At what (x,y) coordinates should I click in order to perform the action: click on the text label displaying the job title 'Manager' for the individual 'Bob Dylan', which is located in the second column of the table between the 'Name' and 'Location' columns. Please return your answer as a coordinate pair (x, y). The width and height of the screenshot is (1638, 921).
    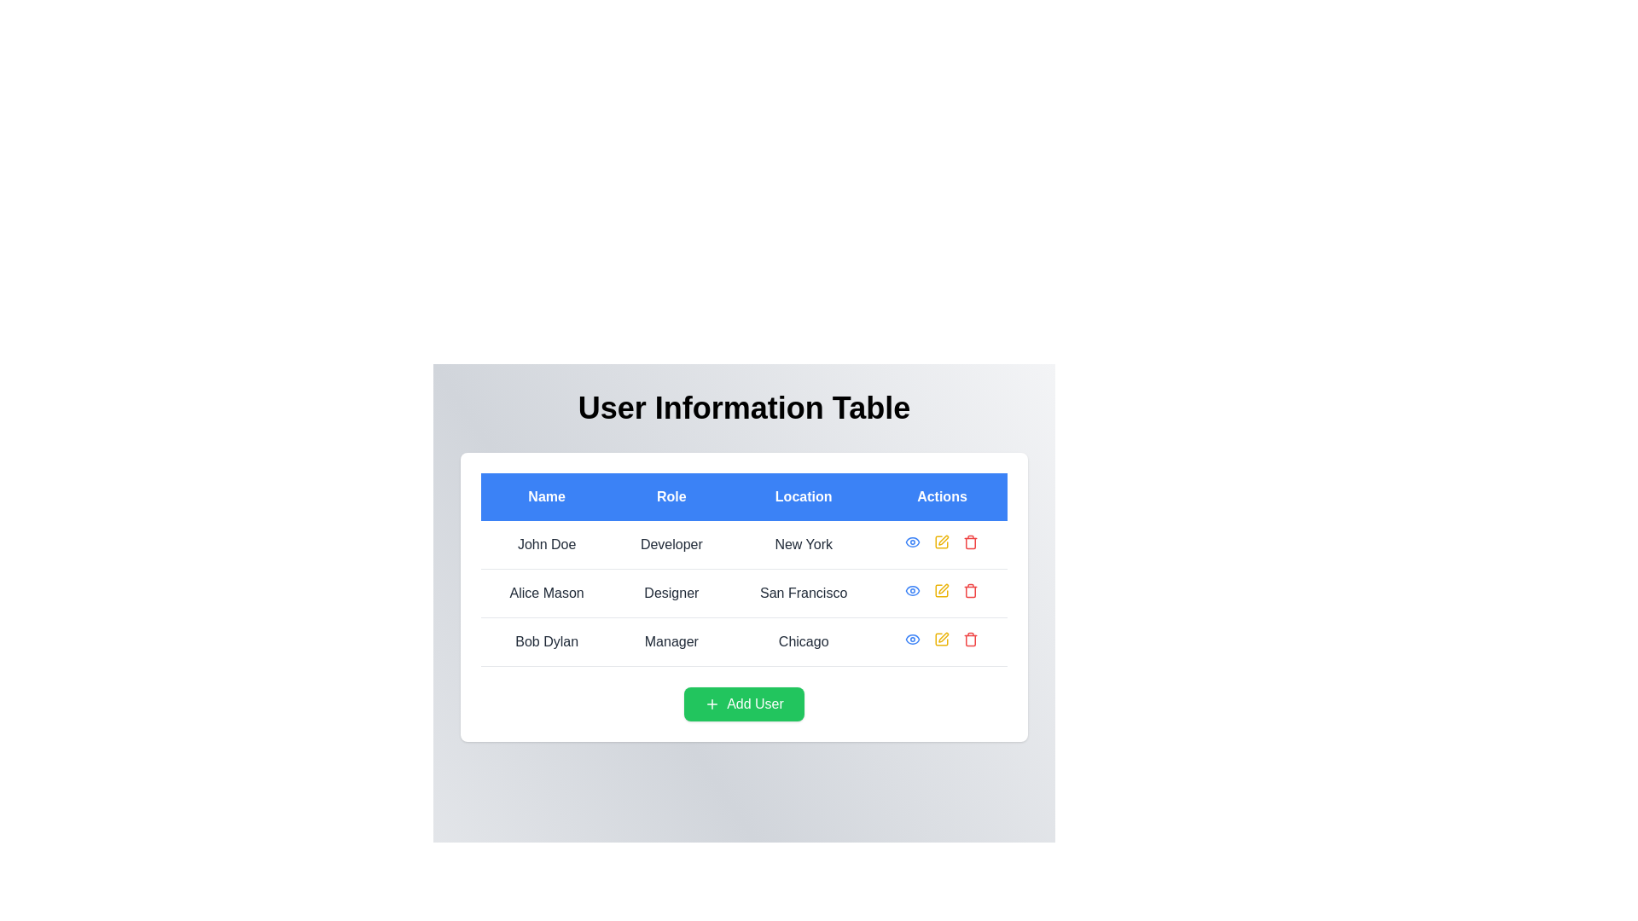
    Looking at the image, I should click on (671, 641).